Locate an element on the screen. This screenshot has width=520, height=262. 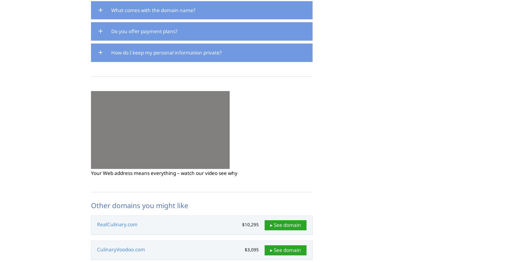
'Other domains you might like' is located at coordinates (91, 205).